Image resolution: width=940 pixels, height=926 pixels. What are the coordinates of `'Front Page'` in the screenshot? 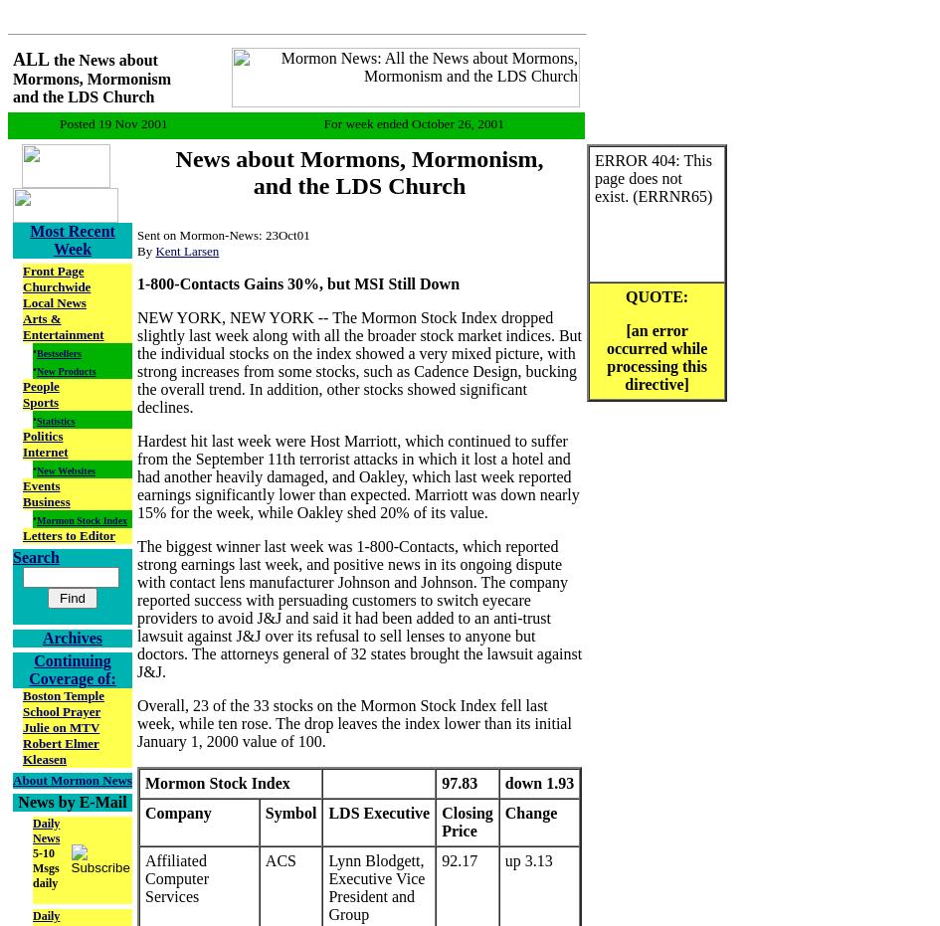 It's located at (53, 269).